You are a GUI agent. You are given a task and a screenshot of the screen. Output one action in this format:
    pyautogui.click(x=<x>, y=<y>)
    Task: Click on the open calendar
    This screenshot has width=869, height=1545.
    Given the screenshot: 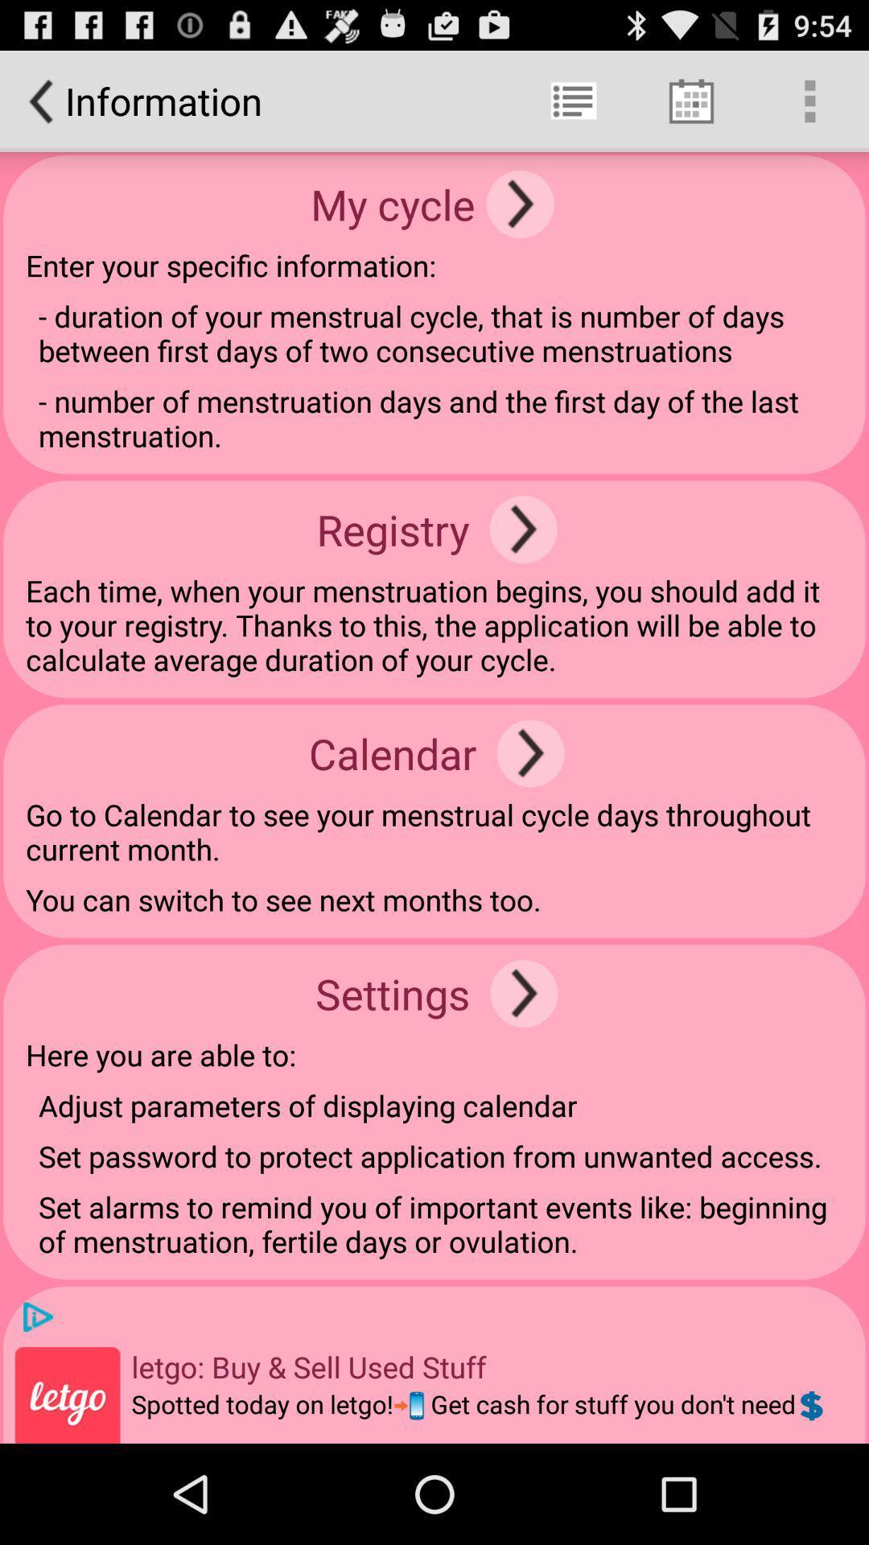 What is the action you would take?
    pyautogui.click(x=530, y=752)
    